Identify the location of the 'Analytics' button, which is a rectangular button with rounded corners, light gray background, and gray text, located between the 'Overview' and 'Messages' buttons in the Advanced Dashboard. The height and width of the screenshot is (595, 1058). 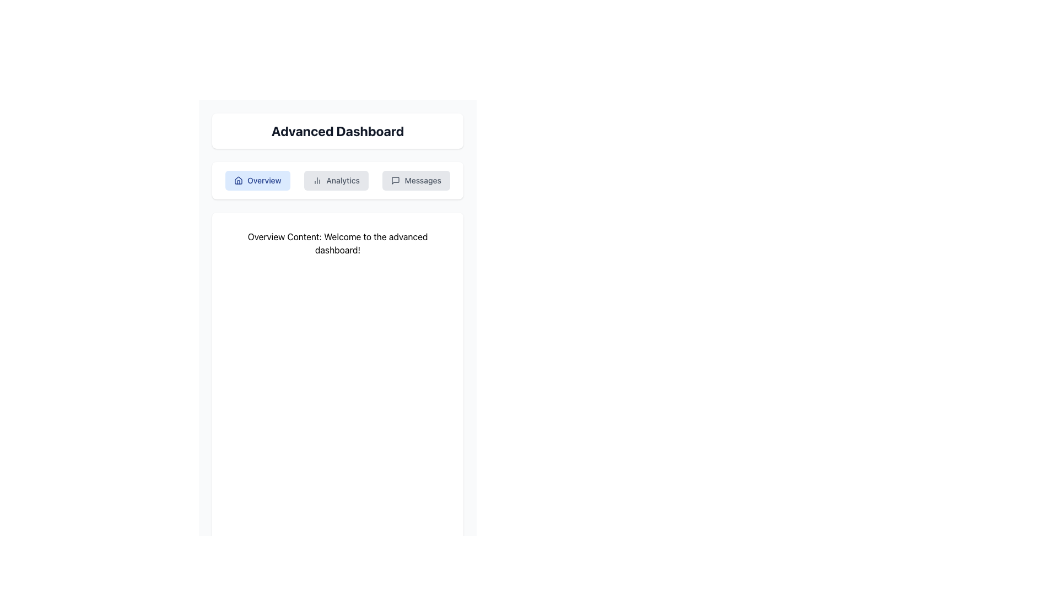
(336, 180).